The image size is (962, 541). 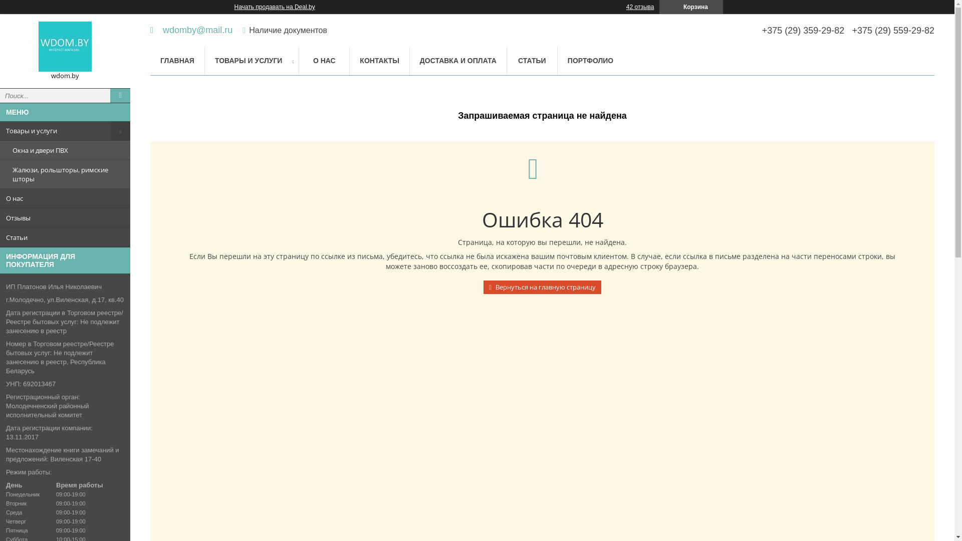 What do you see at coordinates (191, 30) in the screenshot?
I see `'wdomby@mail.ru'` at bounding box center [191, 30].